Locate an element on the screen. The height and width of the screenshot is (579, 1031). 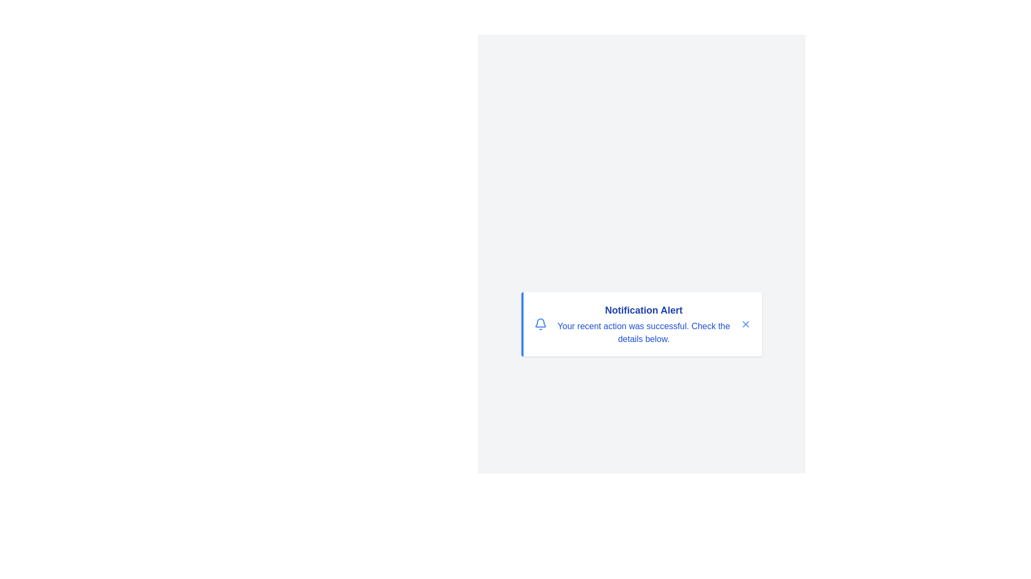
the close button to dismiss the notification is located at coordinates (745, 324).